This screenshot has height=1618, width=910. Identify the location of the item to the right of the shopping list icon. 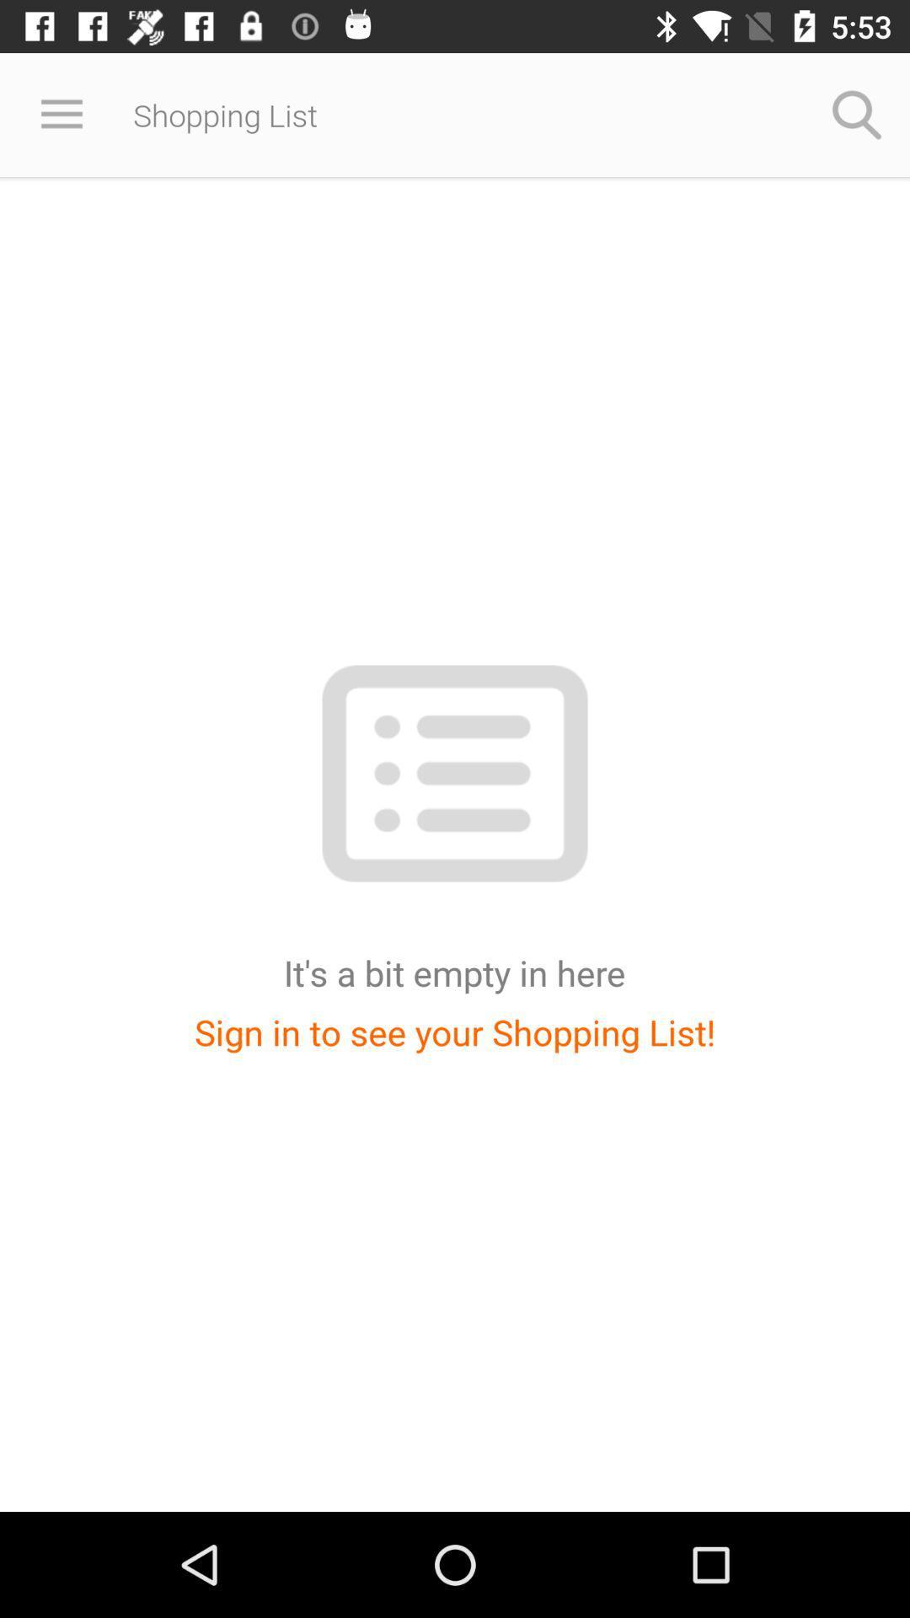
(857, 114).